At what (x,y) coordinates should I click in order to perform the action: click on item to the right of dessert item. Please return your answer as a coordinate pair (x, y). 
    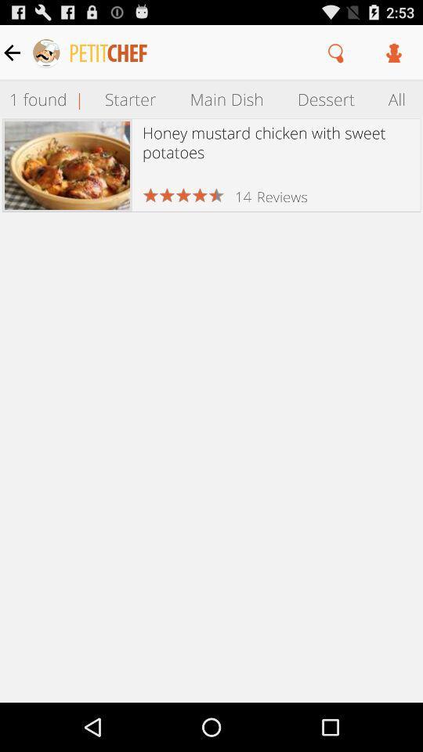
    Looking at the image, I should click on (397, 98).